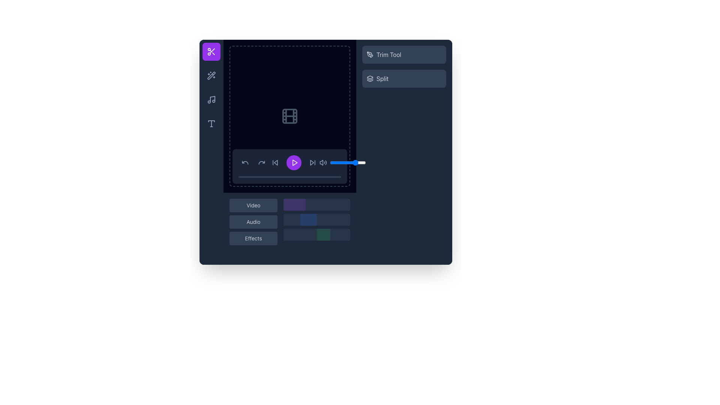 The image size is (720, 405). Describe the element at coordinates (289, 177) in the screenshot. I see `the animation of the progress bar located at the bottom of the control panel, which provides visual indications of progress updates during media playback` at that location.